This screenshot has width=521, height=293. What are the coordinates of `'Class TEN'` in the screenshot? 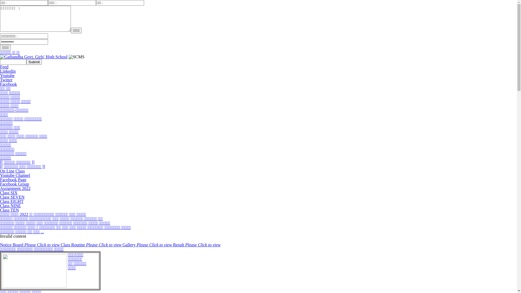 It's located at (9, 210).